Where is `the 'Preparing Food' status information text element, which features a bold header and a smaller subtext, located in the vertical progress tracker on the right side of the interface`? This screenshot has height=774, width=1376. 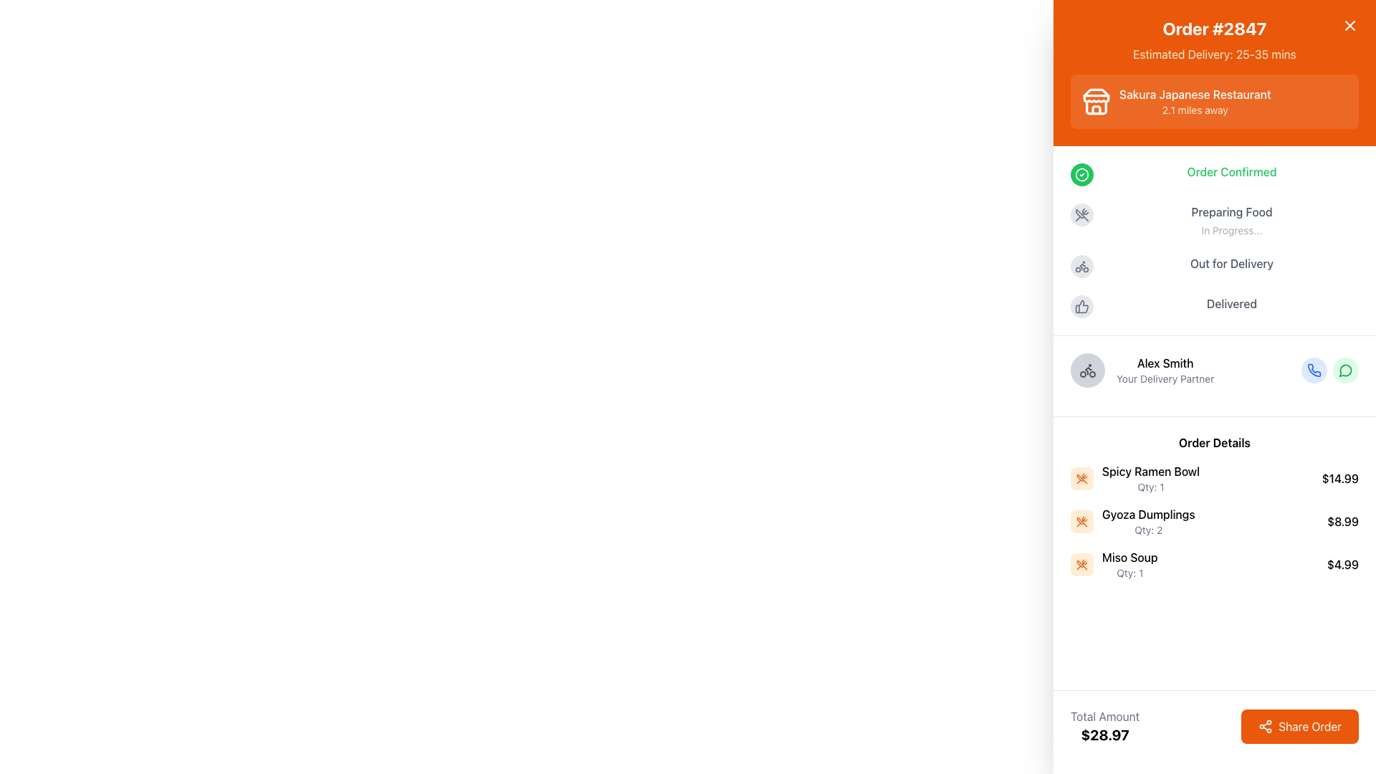 the 'Preparing Food' status information text element, which features a bold header and a smaller subtext, located in the vertical progress tracker on the right side of the interface is located at coordinates (1231, 221).